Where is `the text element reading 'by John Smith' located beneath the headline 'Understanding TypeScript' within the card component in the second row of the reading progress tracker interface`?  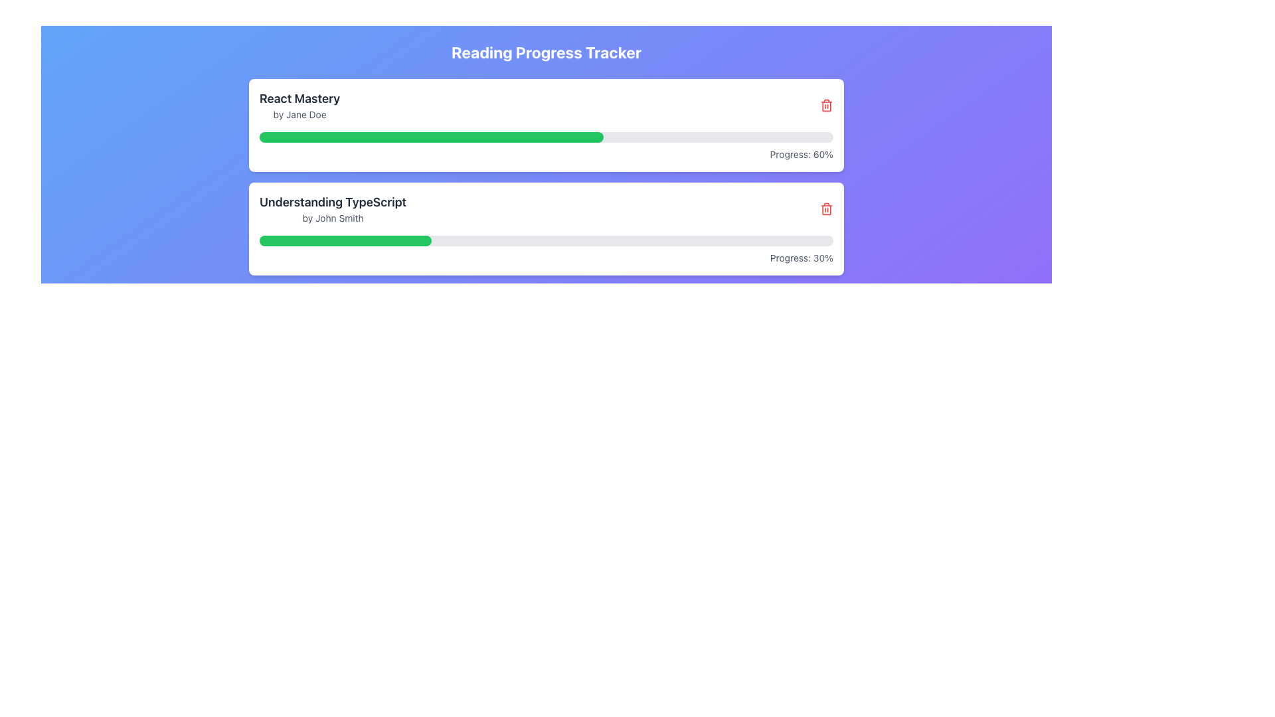
the text element reading 'by John Smith' located beneath the headline 'Understanding TypeScript' within the card component in the second row of the reading progress tracker interface is located at coordinates (333, 217).